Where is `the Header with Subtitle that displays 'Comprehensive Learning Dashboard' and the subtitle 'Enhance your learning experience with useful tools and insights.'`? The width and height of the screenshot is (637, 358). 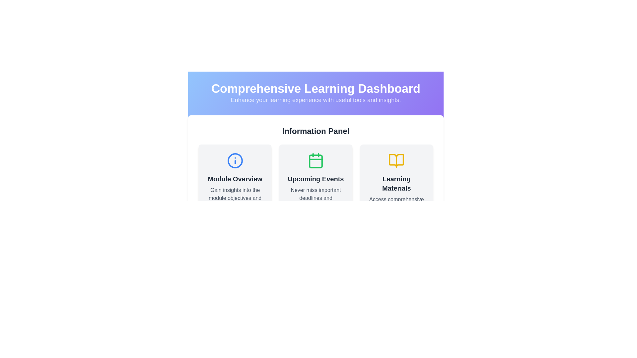
the Header with Subtitle that displays 'Comprehensive Learning Dashboard' and the subtitle 'Enhance your learning experience with useful tools and insights.' is located at coordinates (315, 93).